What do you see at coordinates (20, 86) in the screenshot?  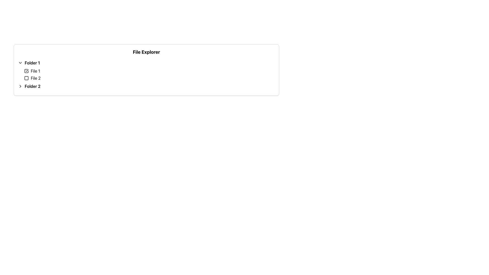 I see `the chevron icon` at bounding box center [20, 86].